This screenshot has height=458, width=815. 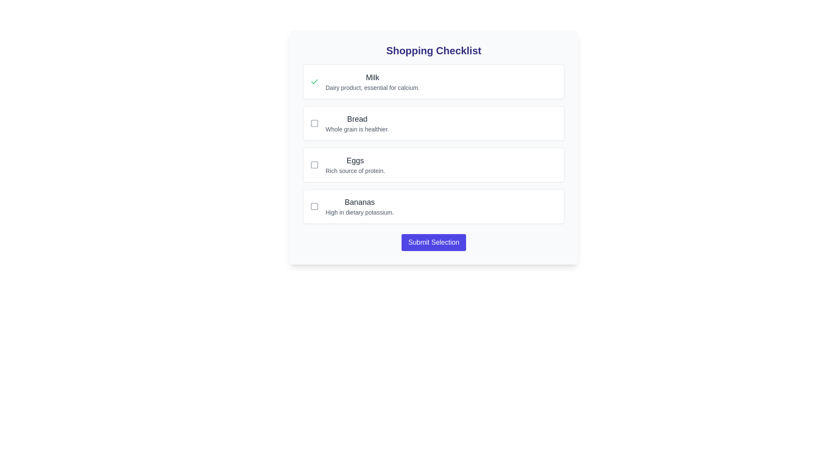 What do you see at coordinates (372, 77) in the screenshot?
I see `the text label displaying 'Milk', which is styled with a larger font size and medium weight, located at the upper part of a list item under 'Shopping Checklist'` at bounding box center [372, 77].